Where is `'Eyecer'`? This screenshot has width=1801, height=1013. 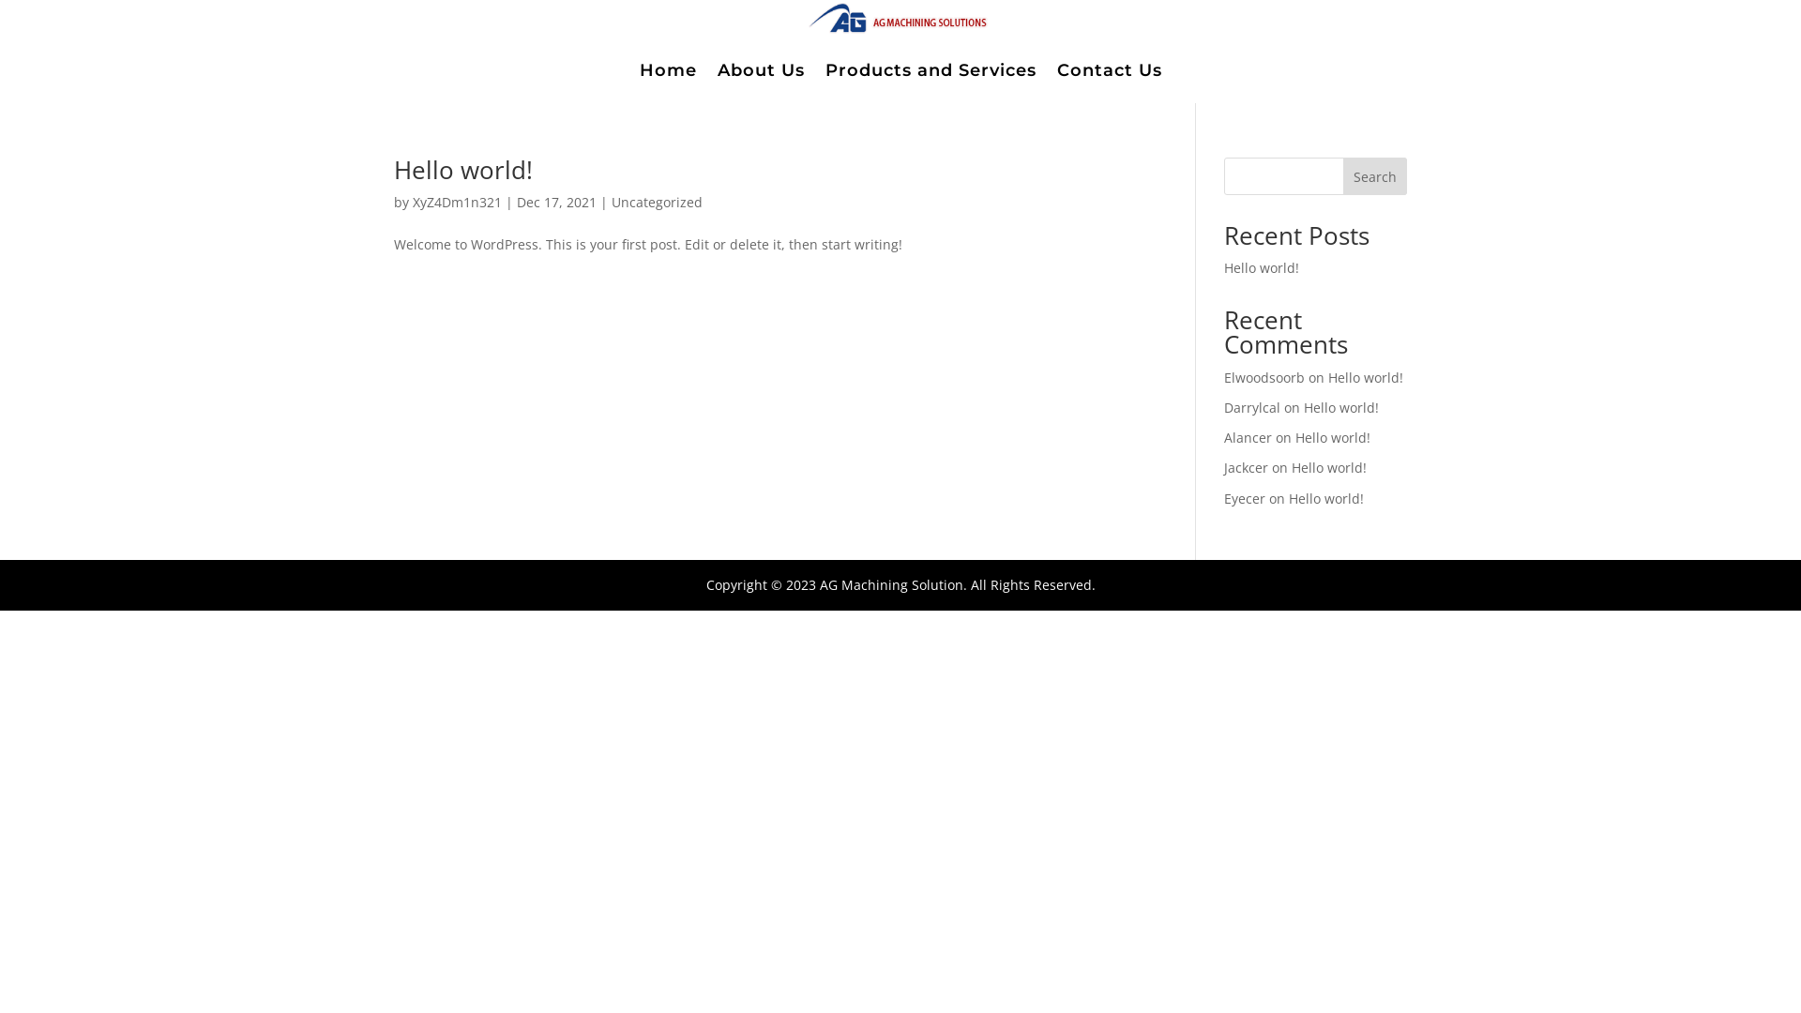 'Eyecer' is located at coordinates (1244, 497).